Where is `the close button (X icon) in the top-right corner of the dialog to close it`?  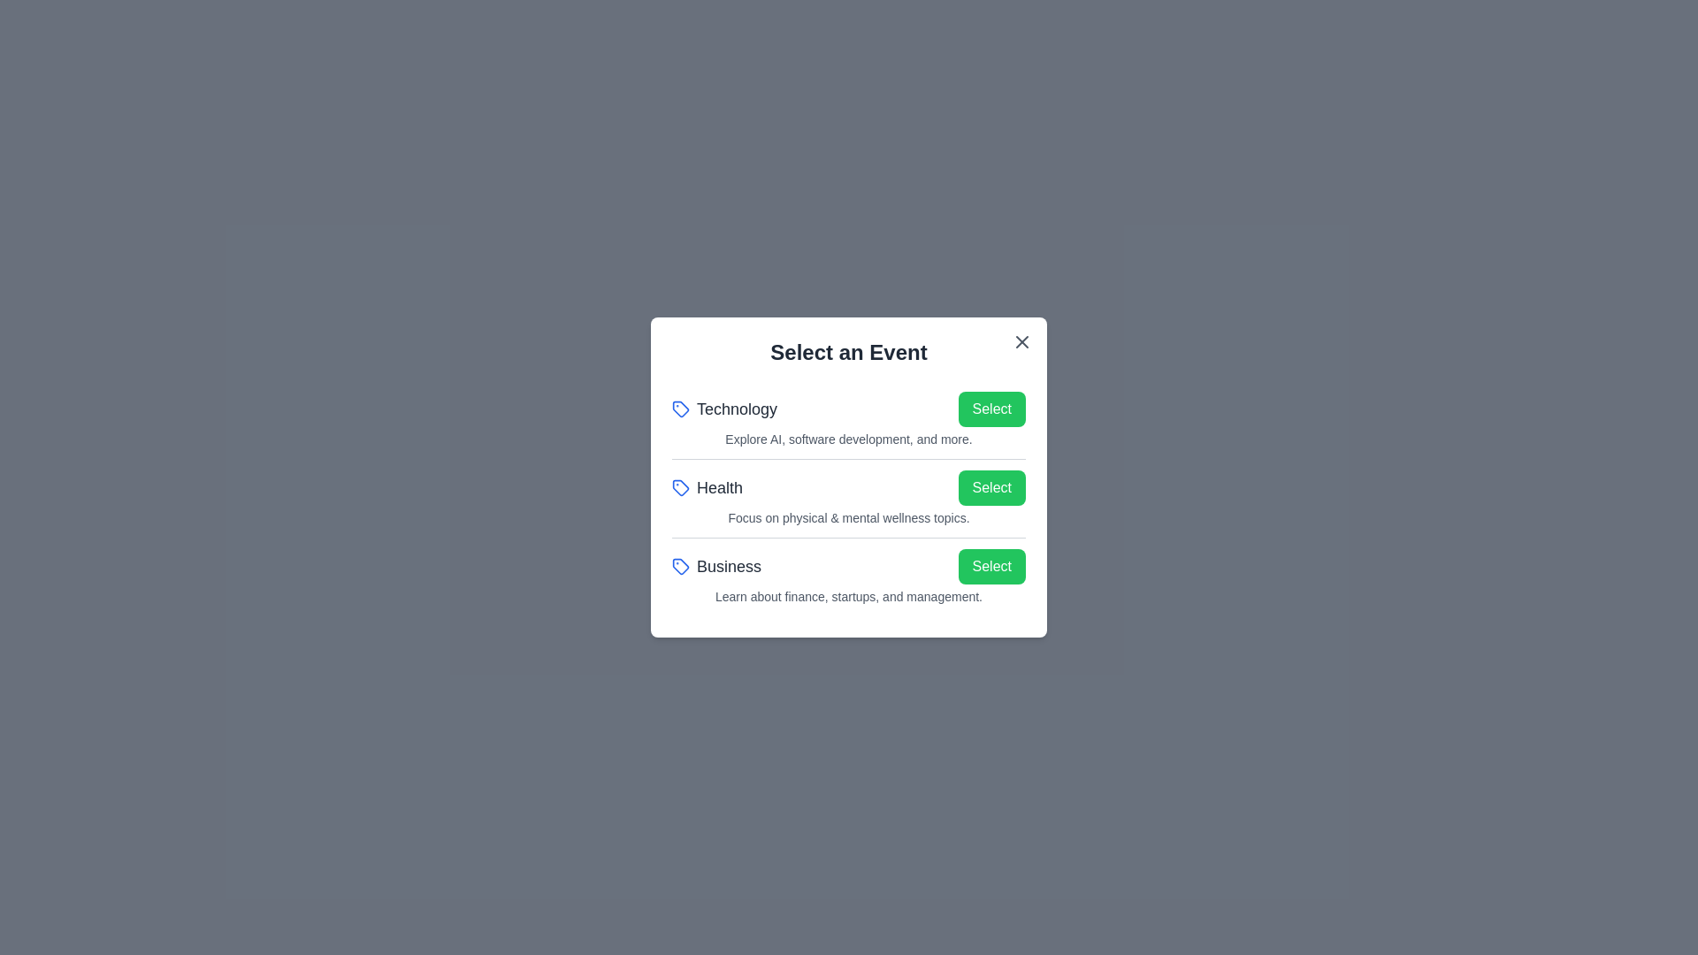
the close button (X icon) in the top-right corner of the dialog to close it is located at coordinates (1022, 341).